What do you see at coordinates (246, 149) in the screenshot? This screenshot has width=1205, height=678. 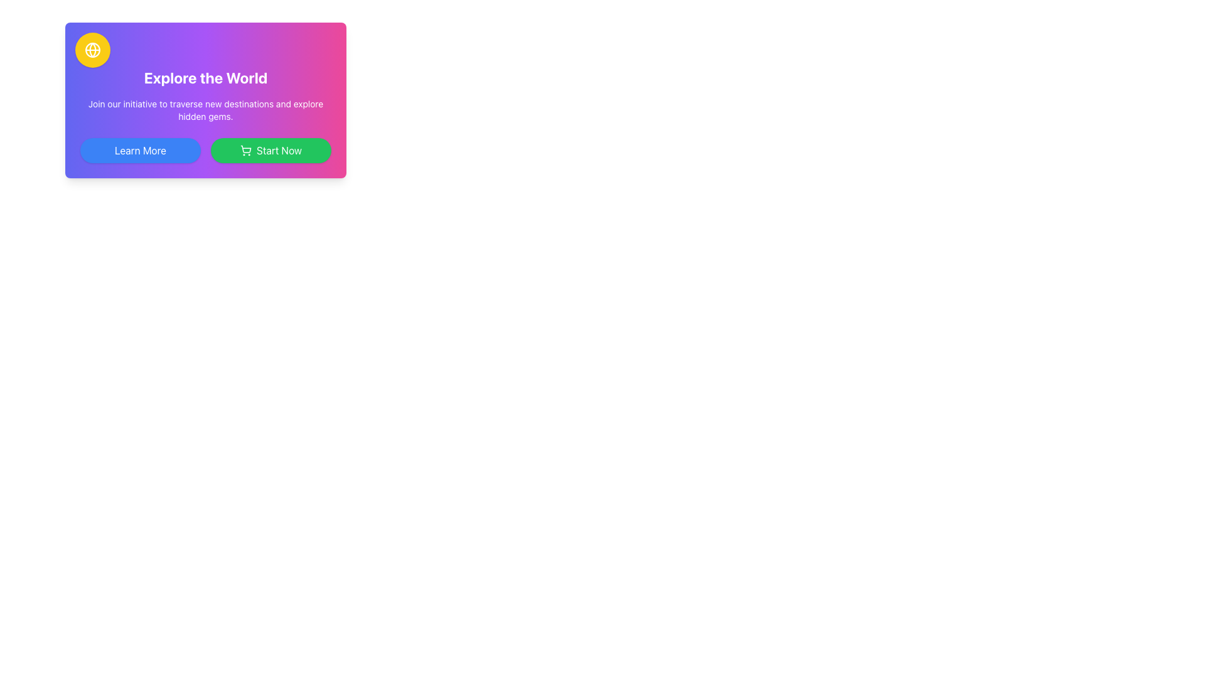 I see `the shopping cart icon, which is styled with a green background and is part of the 'Start Now' button located in the bottom-right section of the card labeled 'Explore the World'` at bounding box center [246, 149].